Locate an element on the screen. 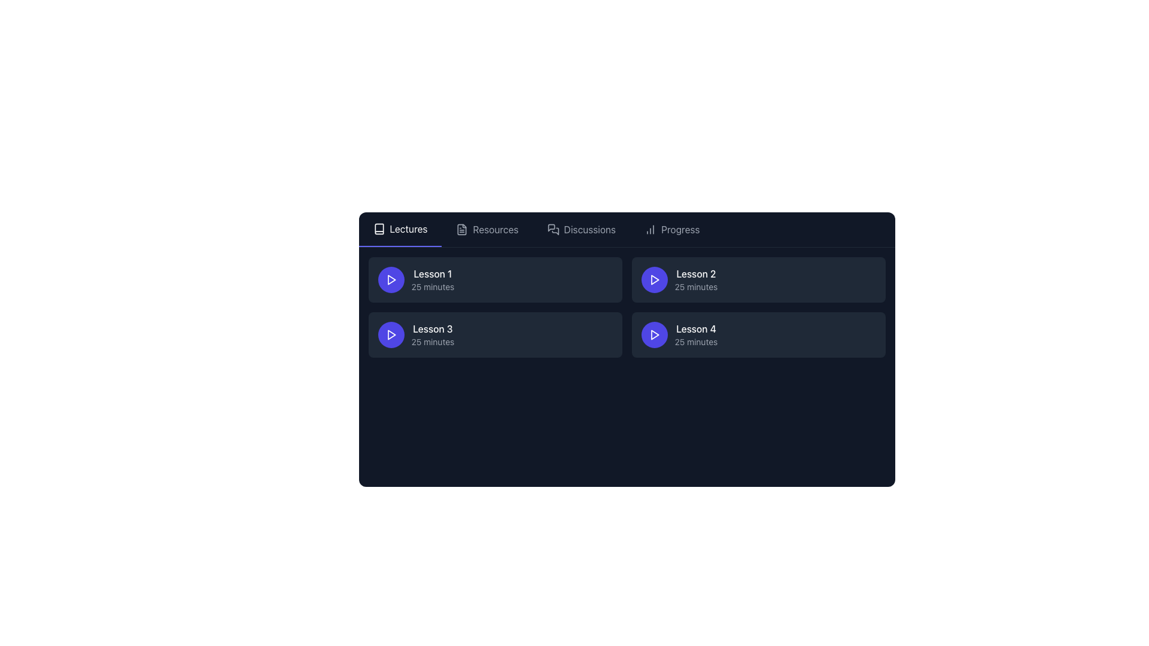 This screenshot has height=646, width=1149. the small vector graphic icon resembling an open book located next to the 'Lectures' label in the top-left corner of the interface is located at coordinates (378, 228).